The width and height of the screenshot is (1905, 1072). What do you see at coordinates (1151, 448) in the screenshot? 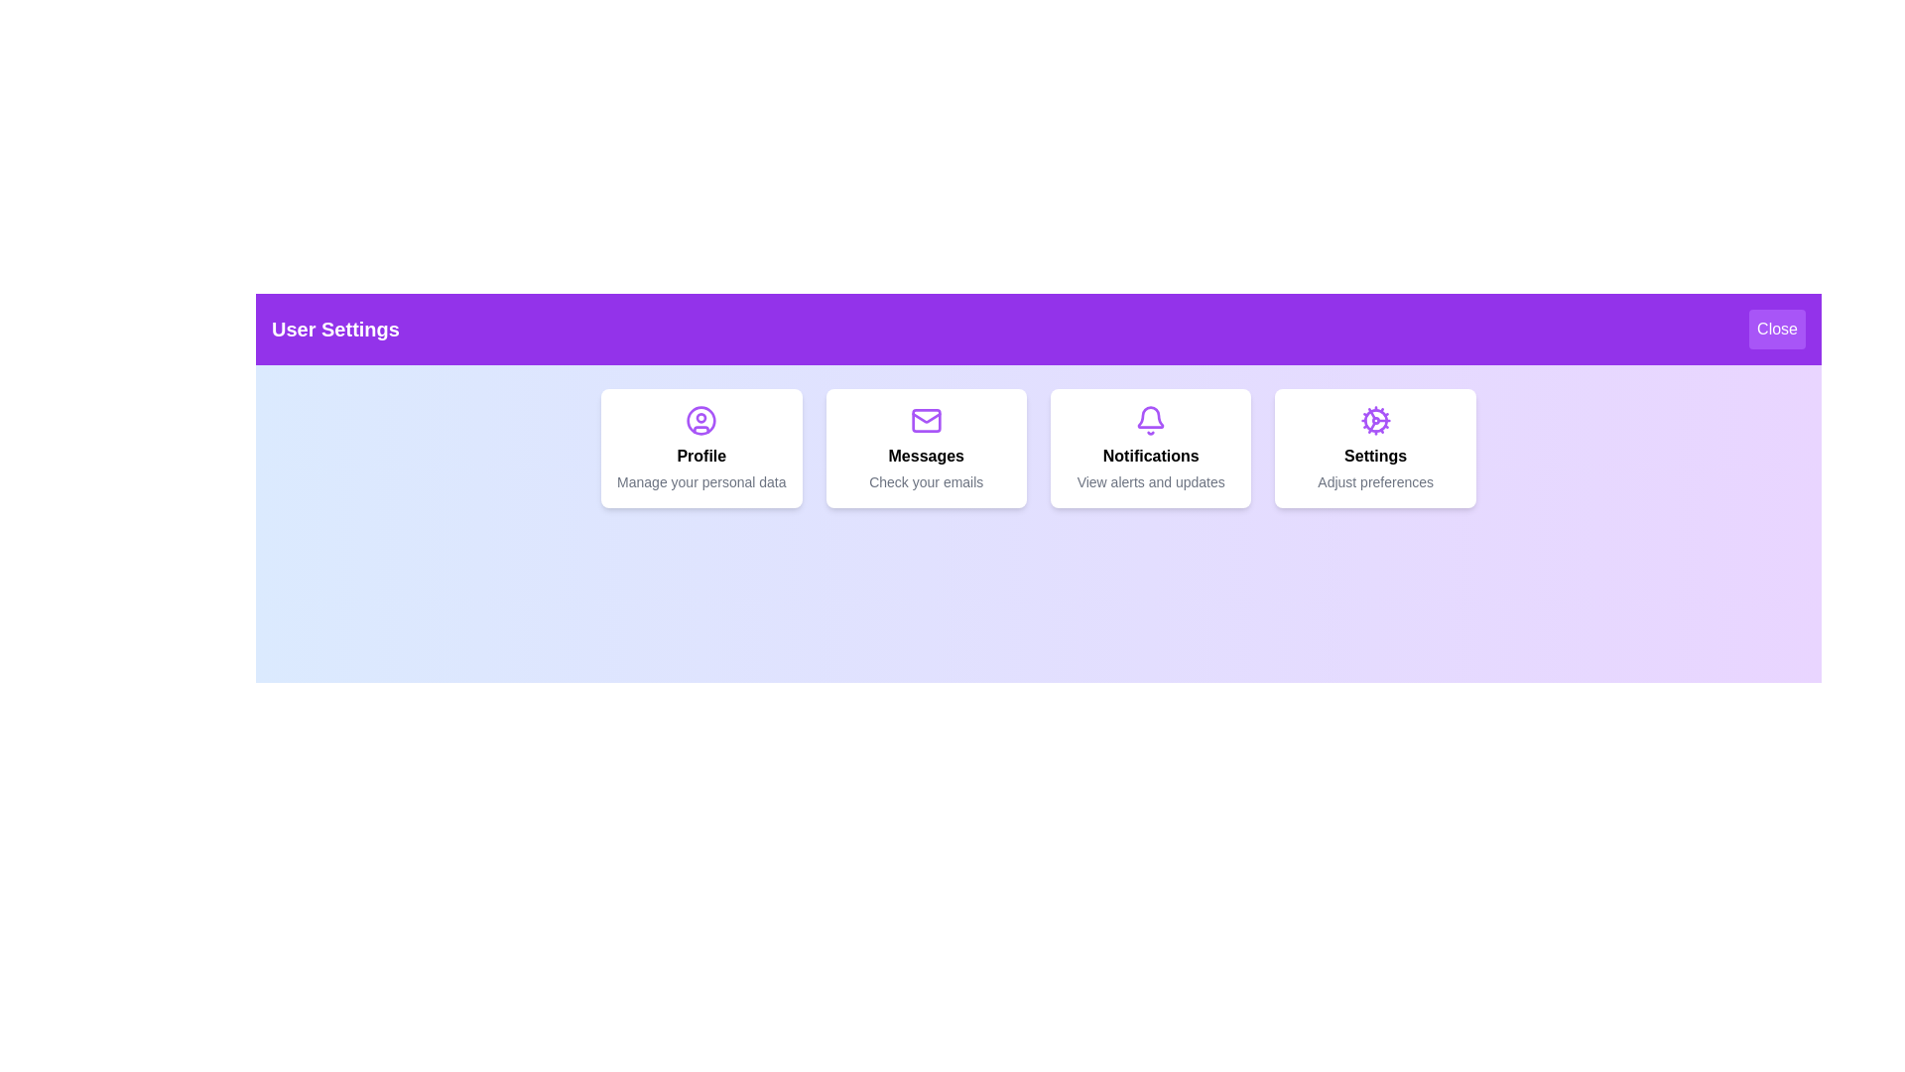
I see `the Notifications menu item to navigate to the respective section` at bounding box center [1151, 448].